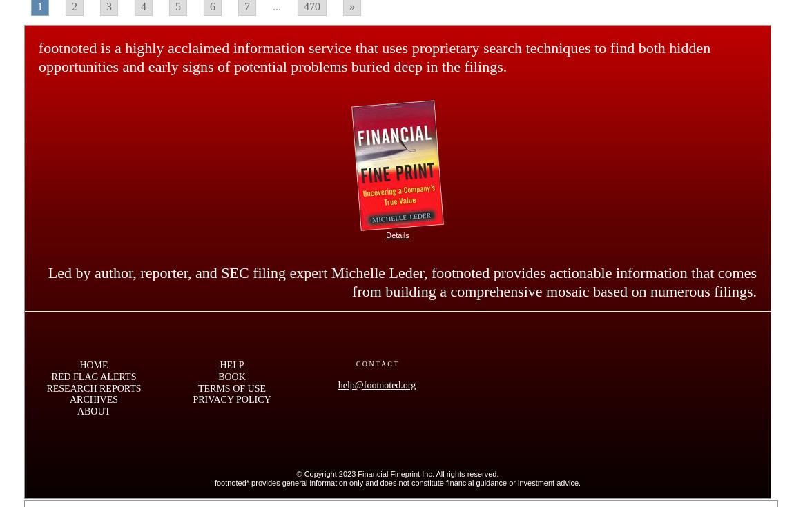 This screenshot has width=794, height=507. I want to click on 'TERMS OF USE', so click(231, 387).